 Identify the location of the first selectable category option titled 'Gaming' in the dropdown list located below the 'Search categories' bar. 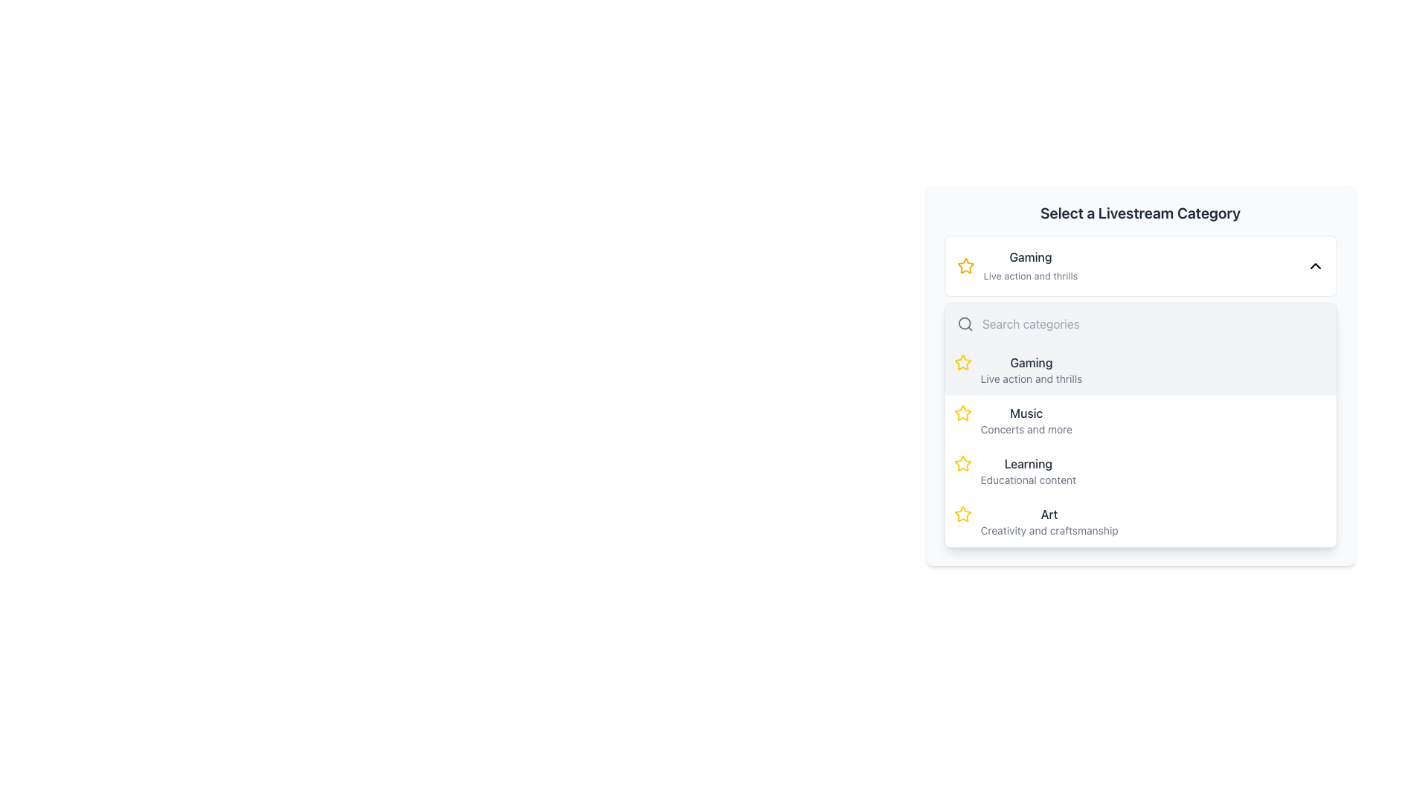
(1139, 369).